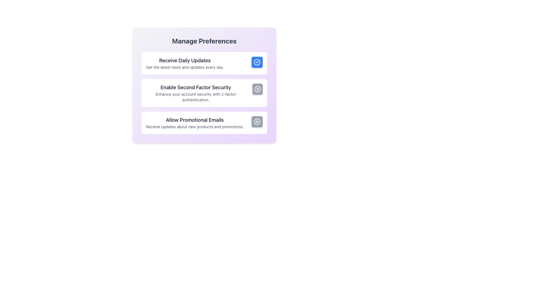 The width and height of the screenshot is (539, 303). What do you see at coordinates (257, 89) in the screenshot?
I see `the gray circular icon with a cross mark in its center located to the right of the 'Enable Second Factor Security' option in the modal box` at bounding box center [257, 89].